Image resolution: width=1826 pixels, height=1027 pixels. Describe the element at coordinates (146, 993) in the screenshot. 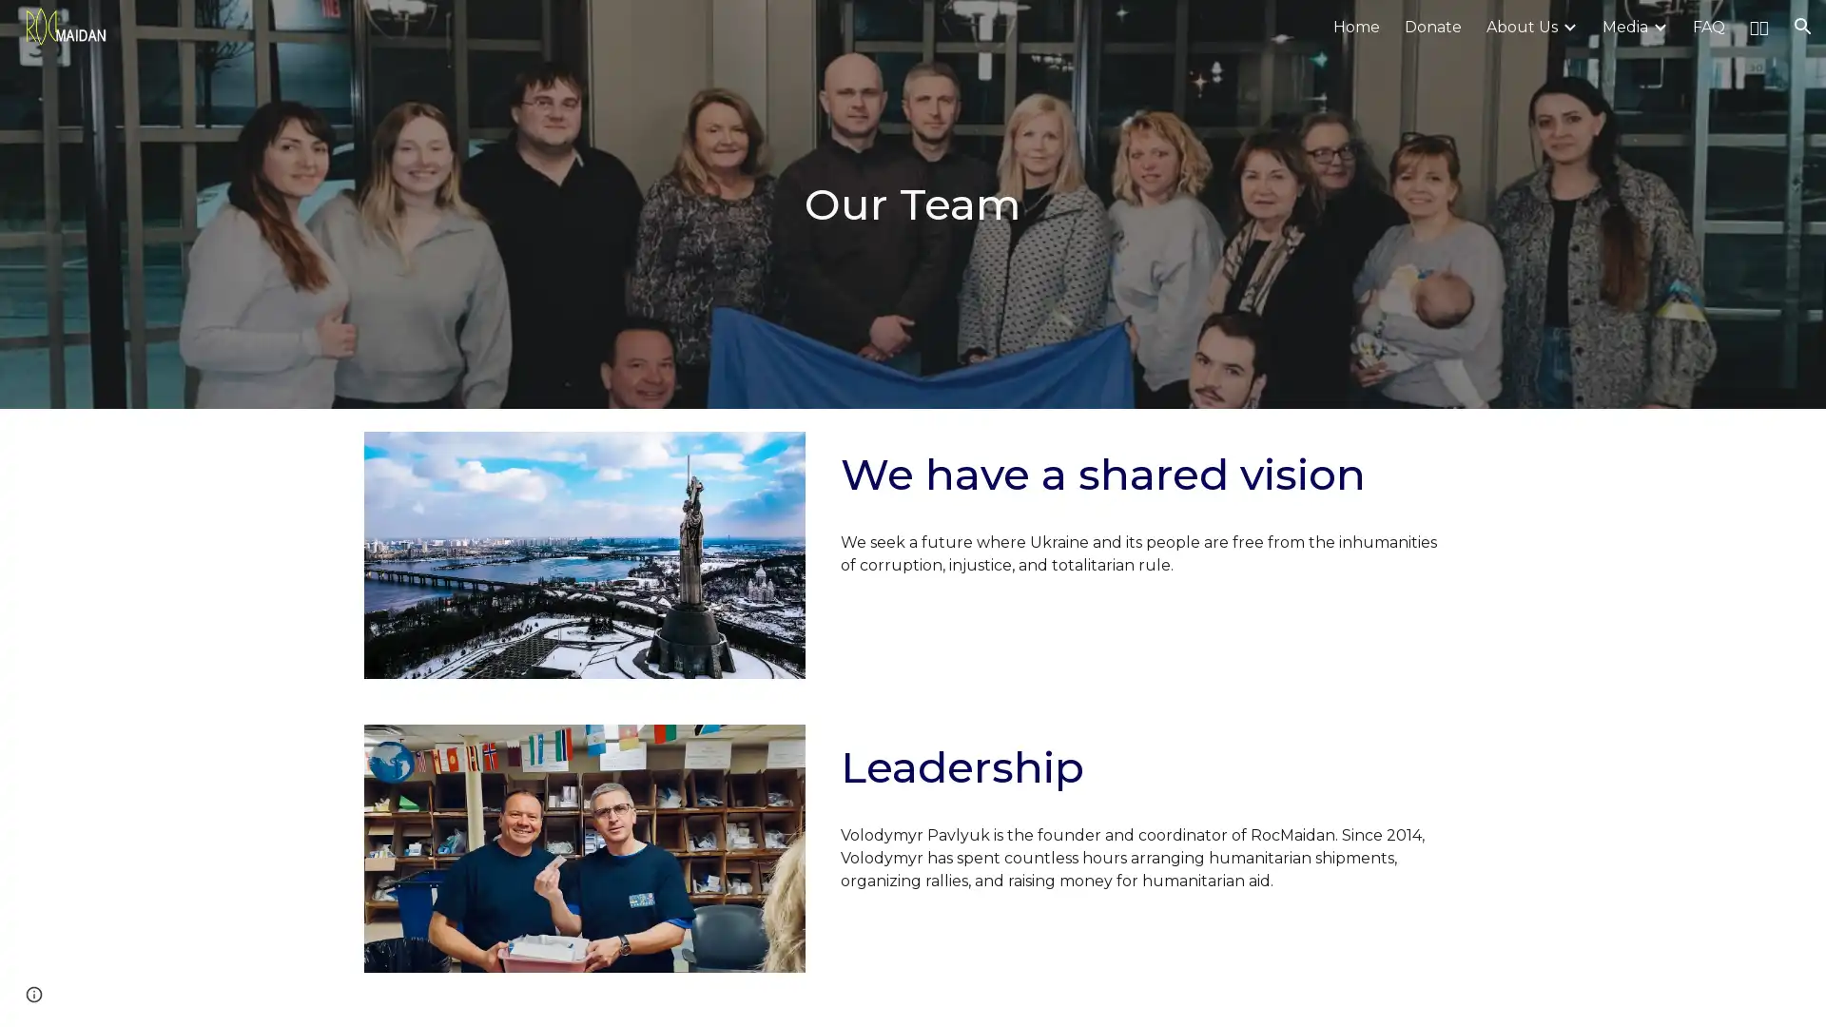

I see `Google Sites` at that location.